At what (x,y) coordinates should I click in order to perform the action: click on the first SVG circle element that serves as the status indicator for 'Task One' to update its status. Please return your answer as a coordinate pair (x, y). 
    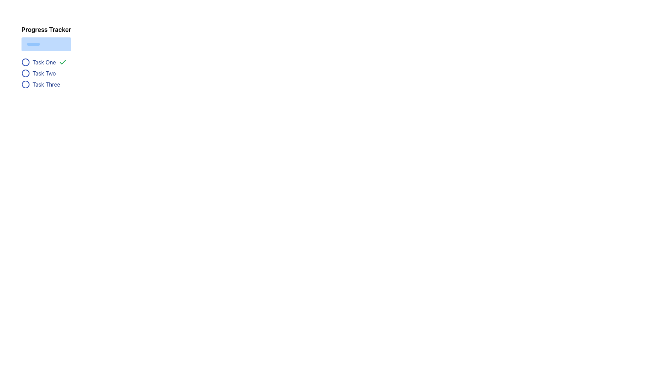
    Looking at the image, I should click on (25, 62).